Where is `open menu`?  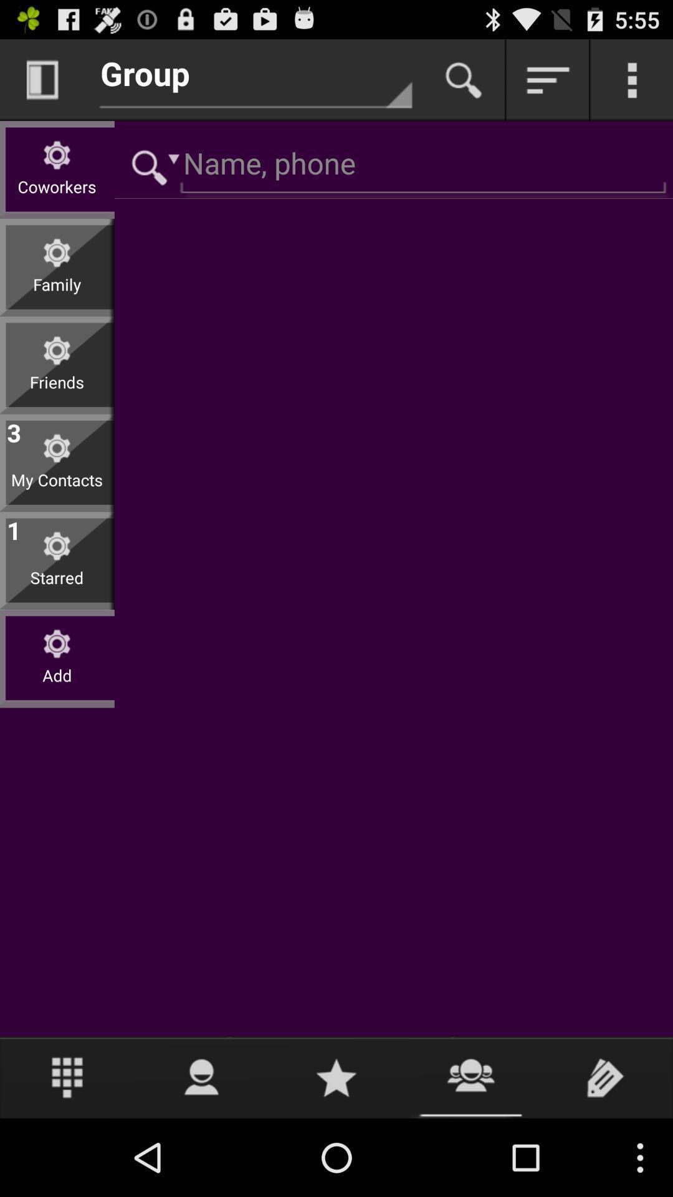 open menu is located at coordinates (67, 1077).